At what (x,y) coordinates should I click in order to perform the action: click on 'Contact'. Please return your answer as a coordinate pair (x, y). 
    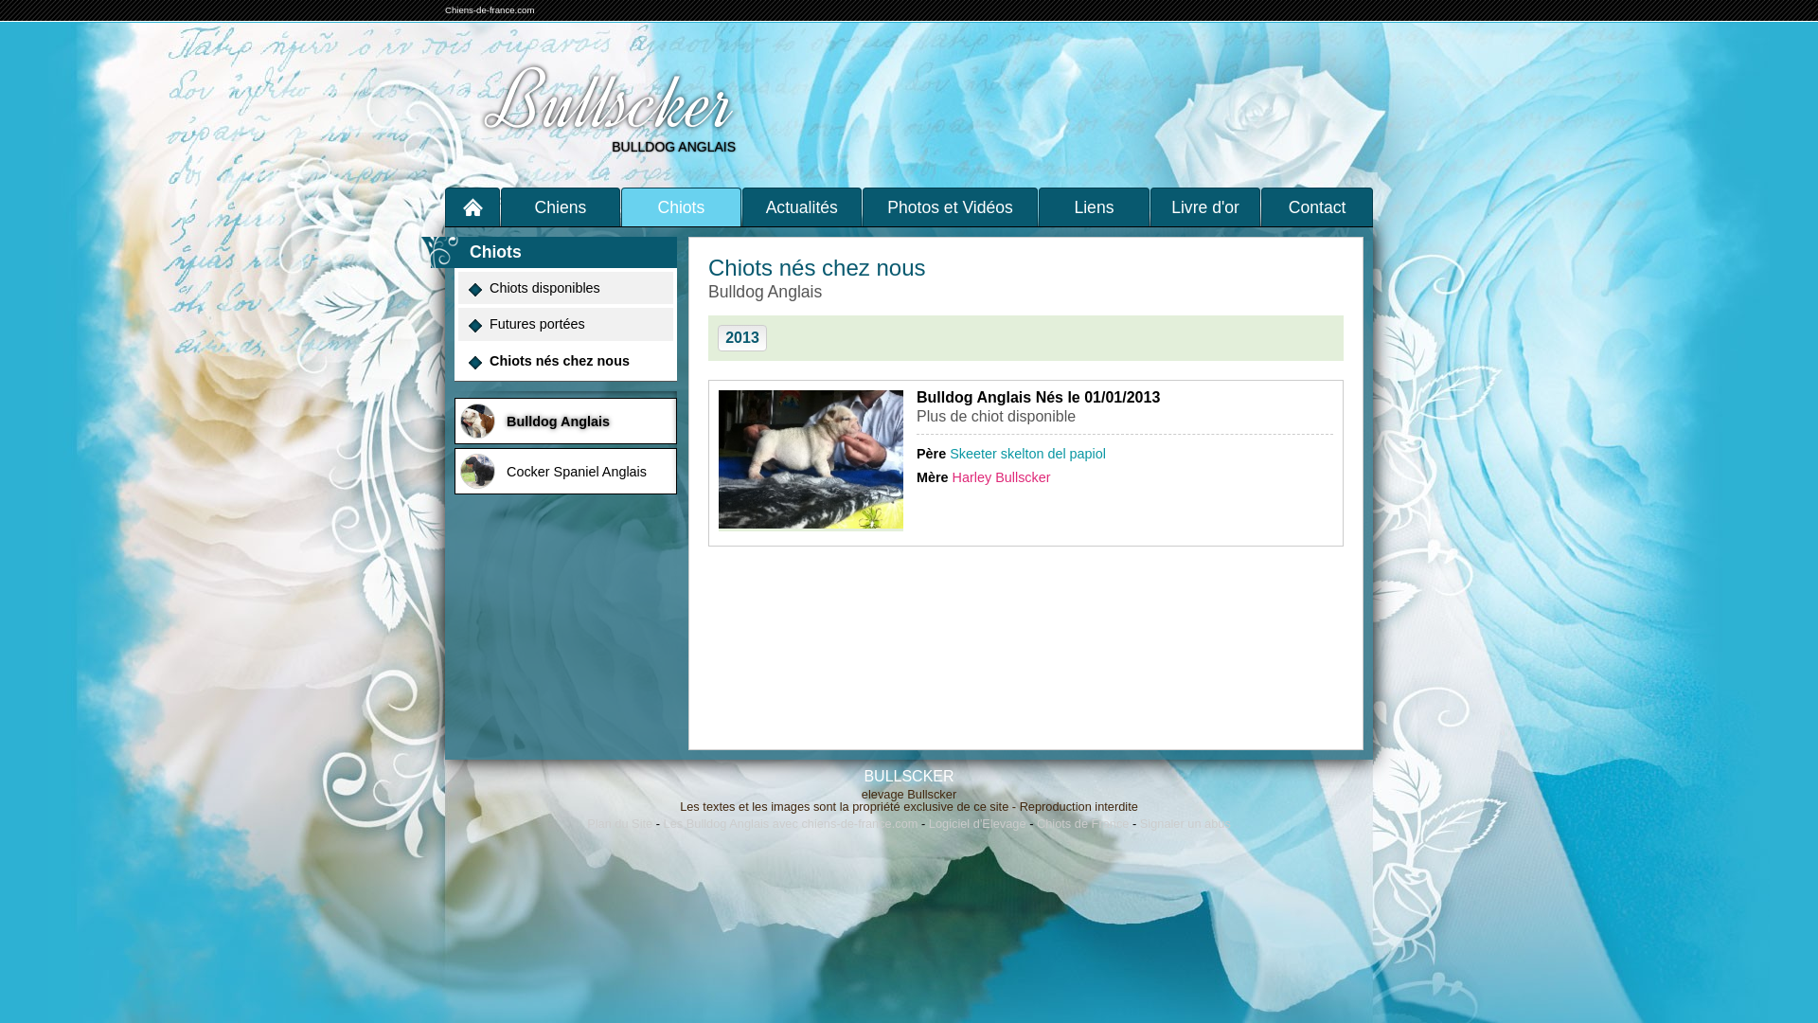
    Looking at the image, I should click on (1316, 206).